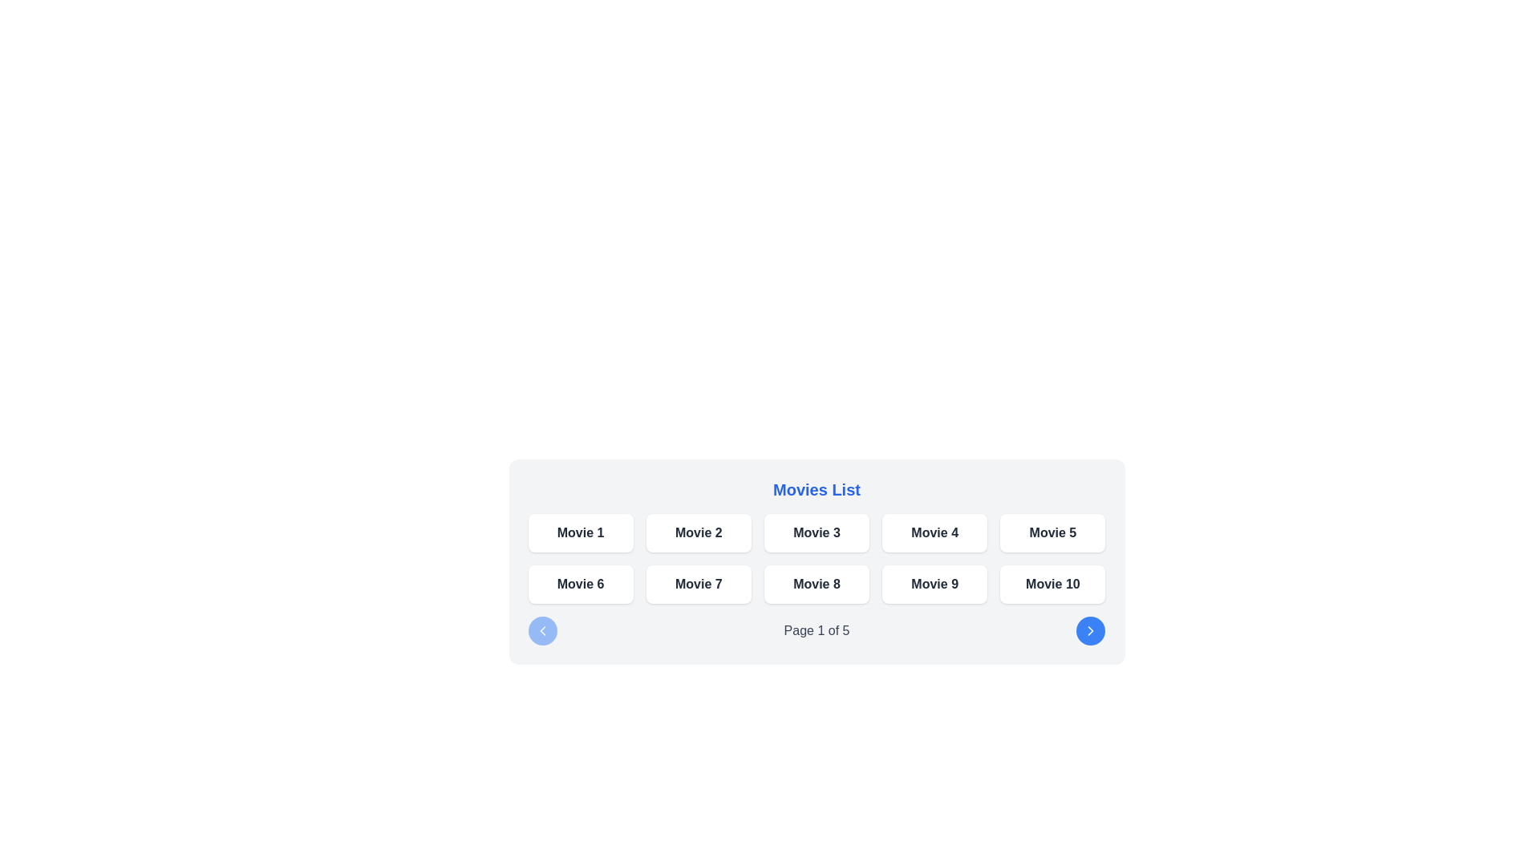 The width and height of the screenshot is (1540, 866). Describe the element at coordinates (1052, 532) in the screenshot. I see `the static label displaying 'Movie 5' which is located in the top row, fifth column of the movie names grid` at that location.